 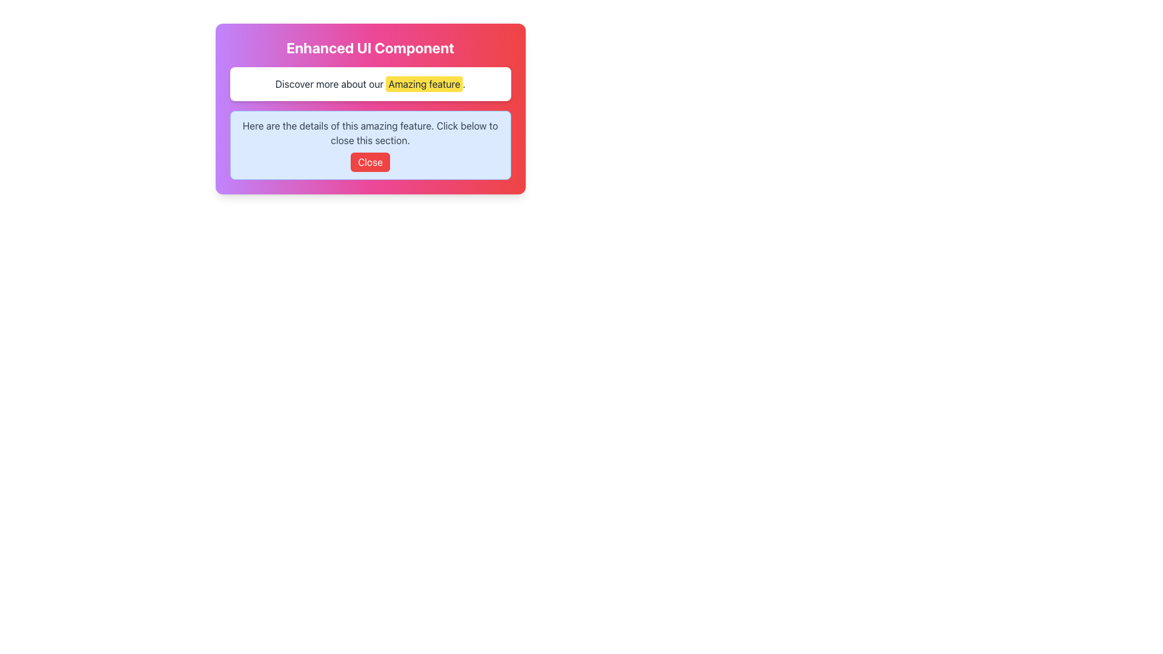 What do you see at coordinates (369, 133) in the screenshot?
I see `informational text located within a light blue box above the red 'Close' button` at bounding box center [369, 133].